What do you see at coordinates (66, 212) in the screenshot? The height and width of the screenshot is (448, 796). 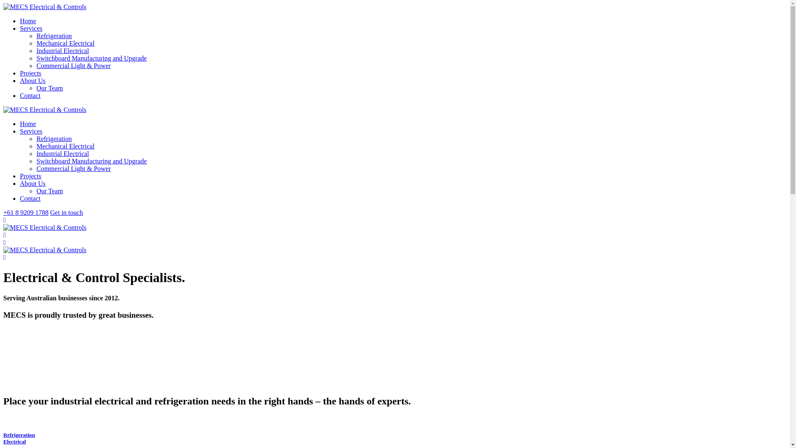 I see `'Get in touch'` at bounding box center [66, 212].